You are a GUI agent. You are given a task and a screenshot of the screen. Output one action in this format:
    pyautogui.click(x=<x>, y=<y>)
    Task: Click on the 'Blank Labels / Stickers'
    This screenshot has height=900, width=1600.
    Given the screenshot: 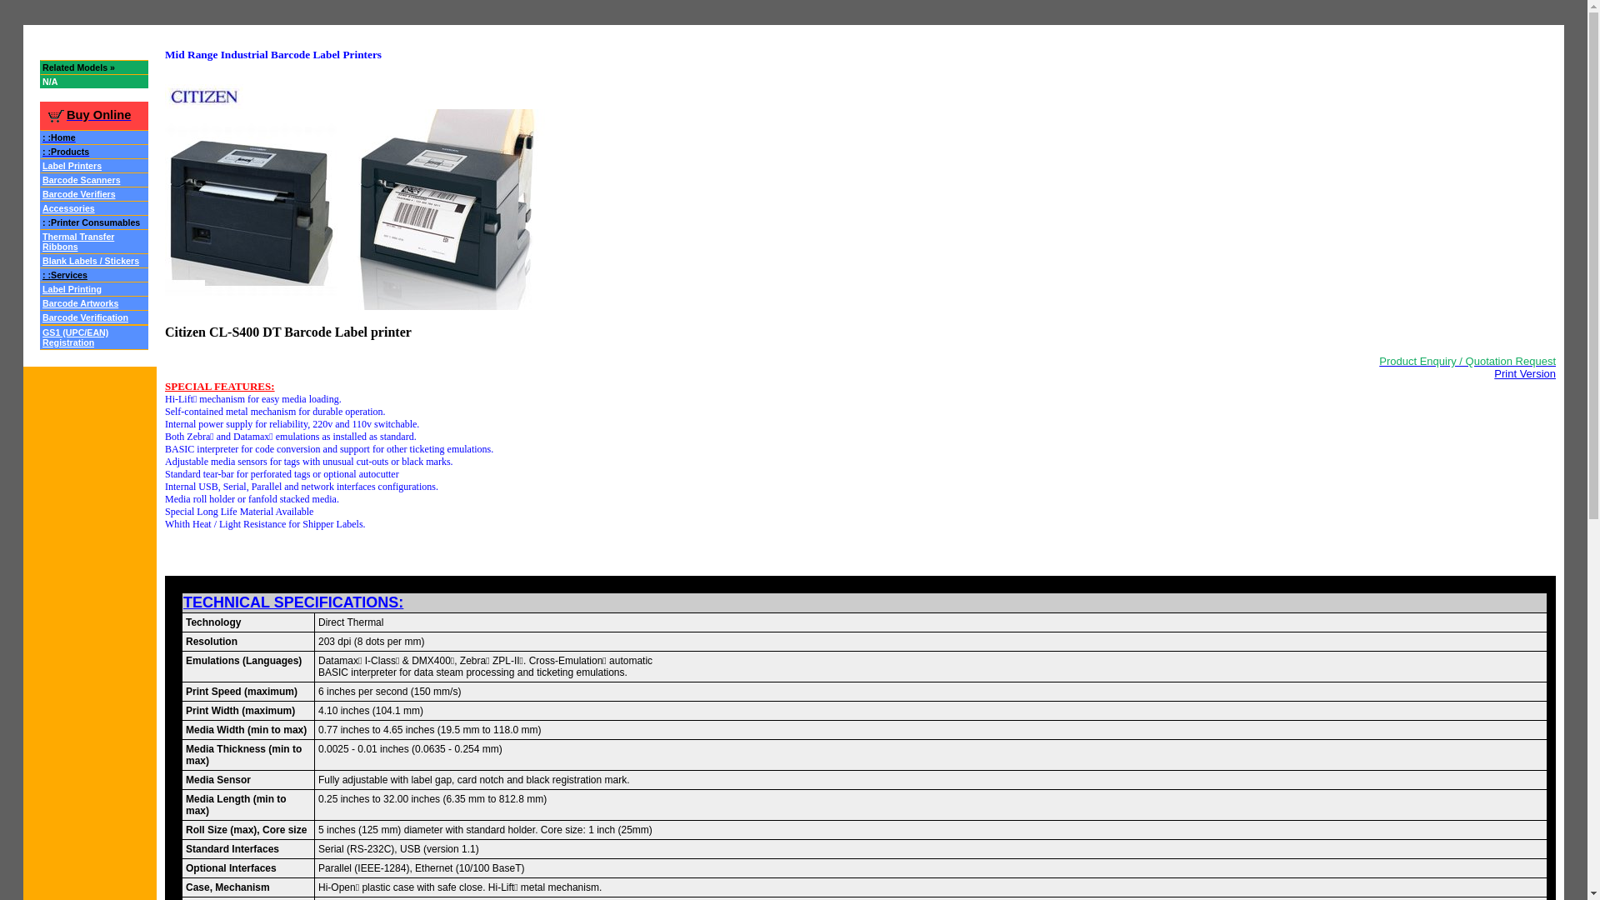 What is the action you would take?
    pyautogui.click(x=90, y=259)
    